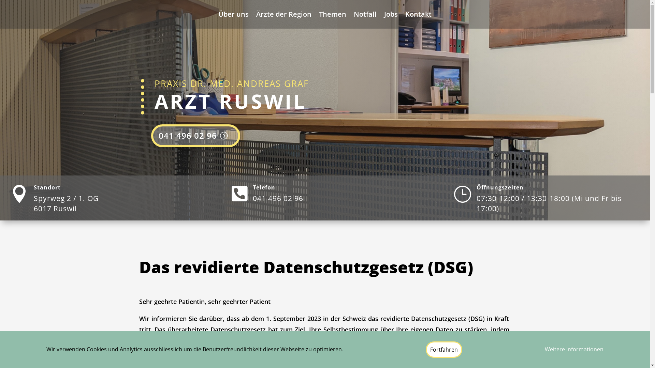  What do you see at coordinates (418, 15) in the screenshot?
I see `'Kontakt'` at bounding box center [418, 15].